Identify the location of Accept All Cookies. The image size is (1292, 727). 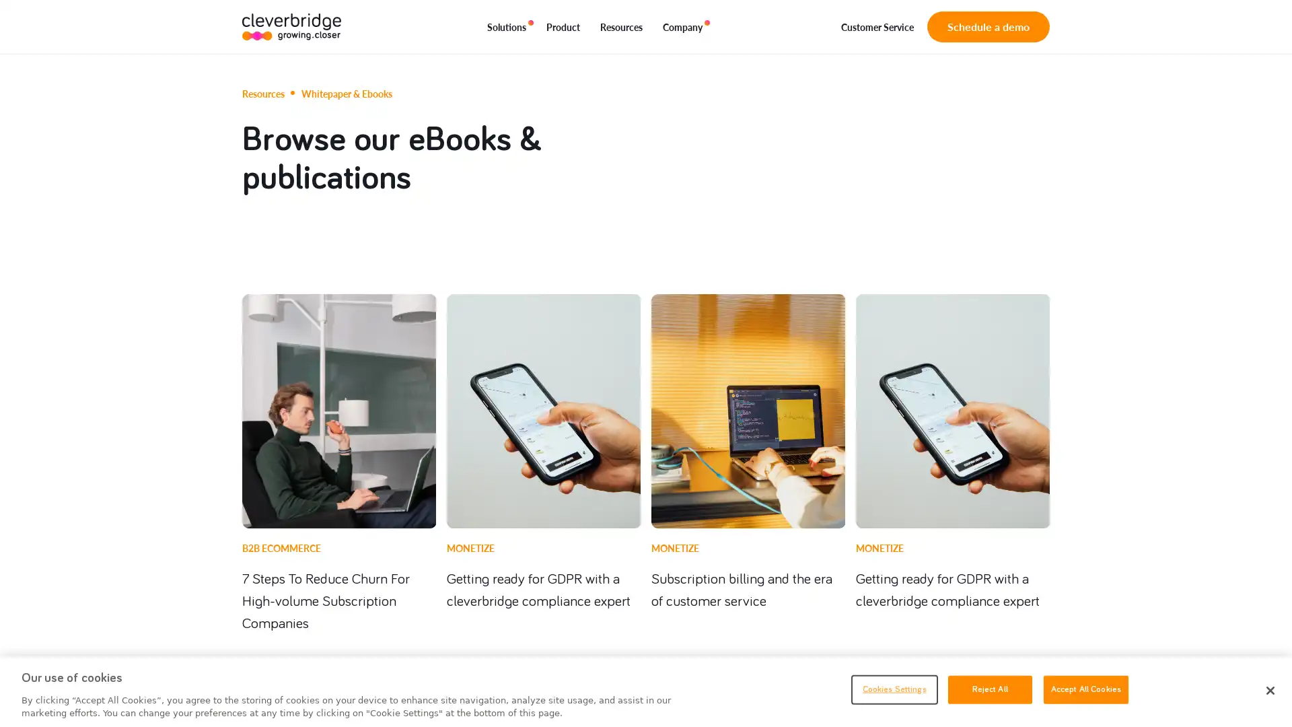
(1085, 689).